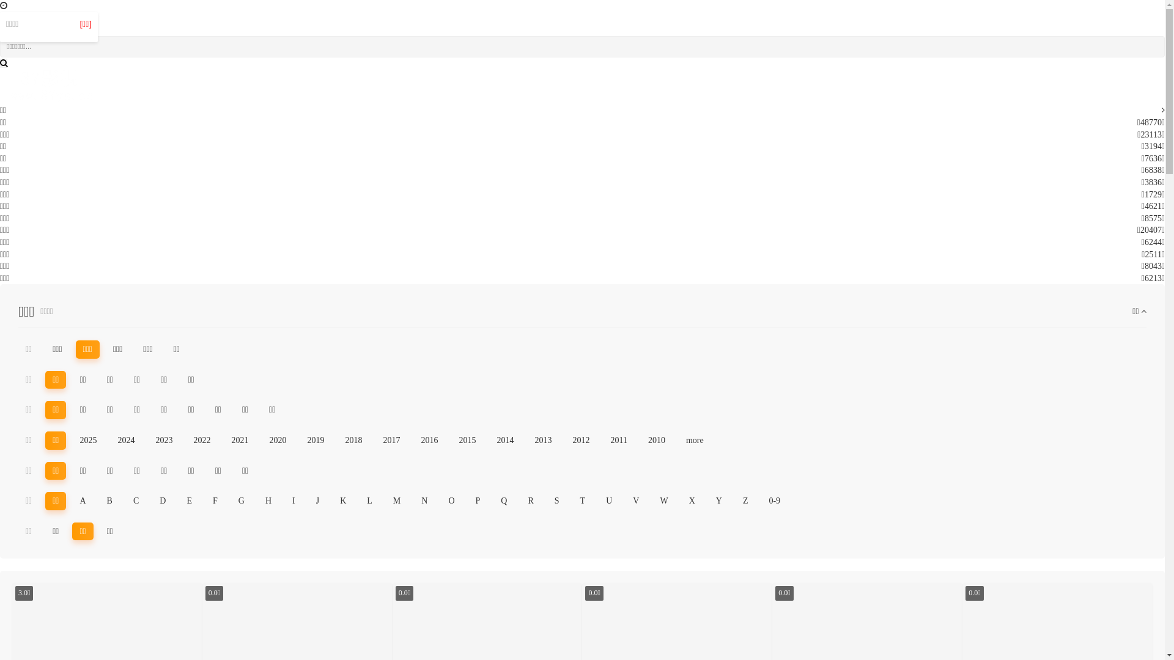  What do you see at coordinates (152, 501) in the screenshot?
I see `'D'` at bounding box center [152, 501].